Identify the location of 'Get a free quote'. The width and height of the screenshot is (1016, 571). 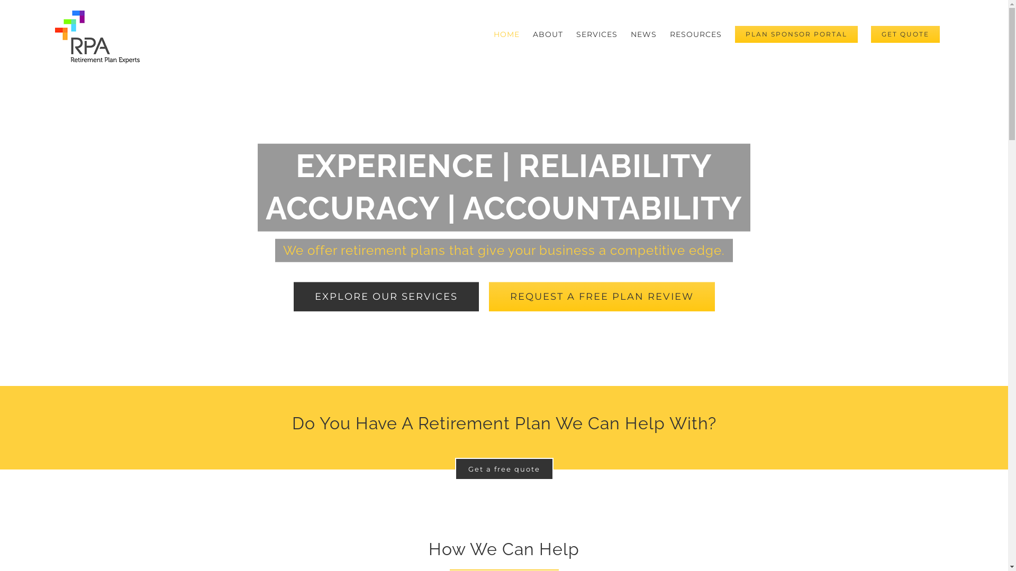
(504, 468).